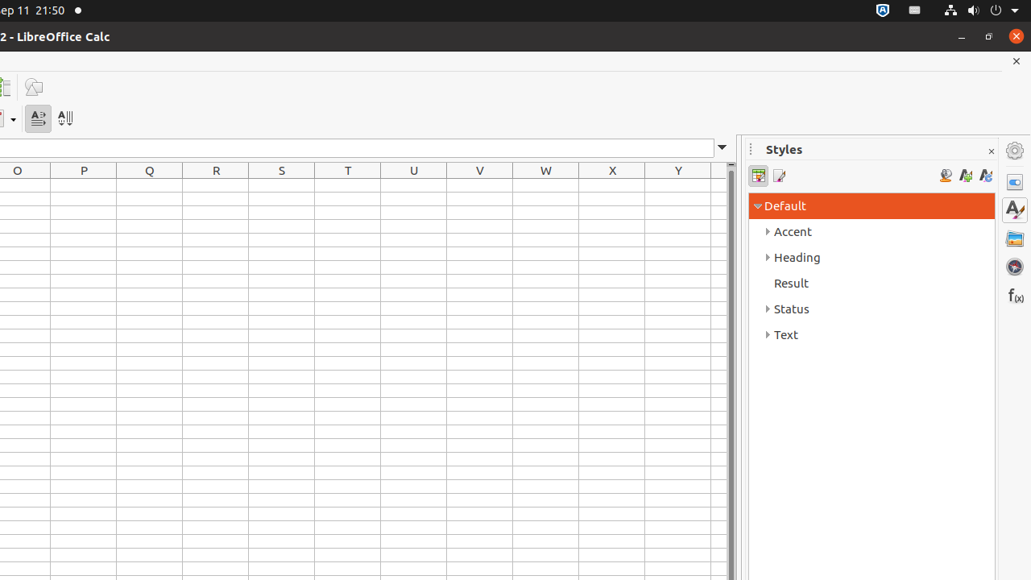  I want to click on 'Q1', so click(149, 184).